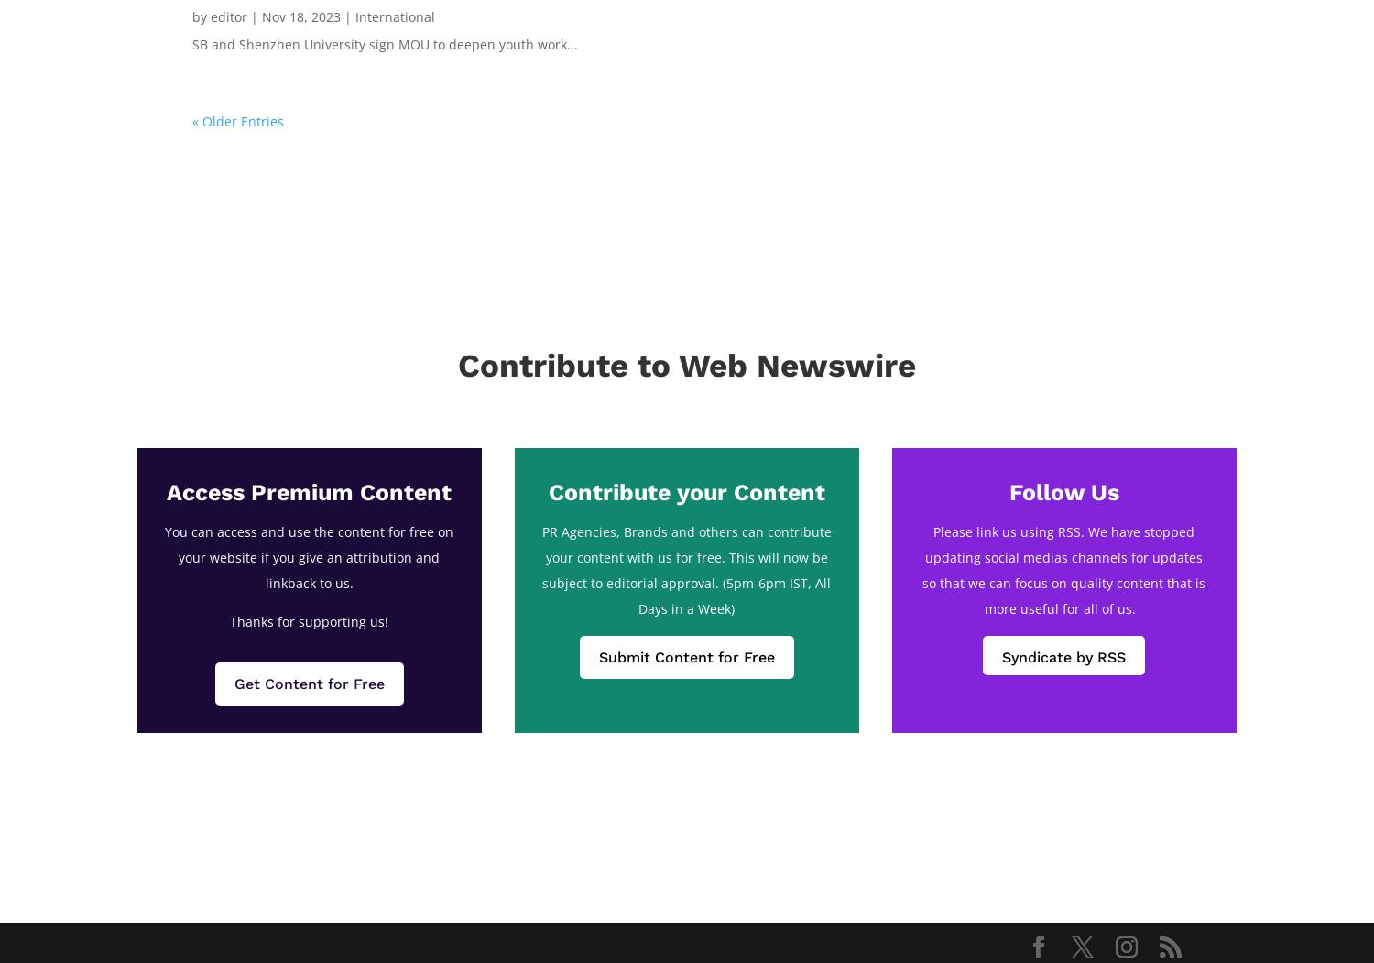  I want to click on 'Thanks for supporting us!', so click(308, 620).